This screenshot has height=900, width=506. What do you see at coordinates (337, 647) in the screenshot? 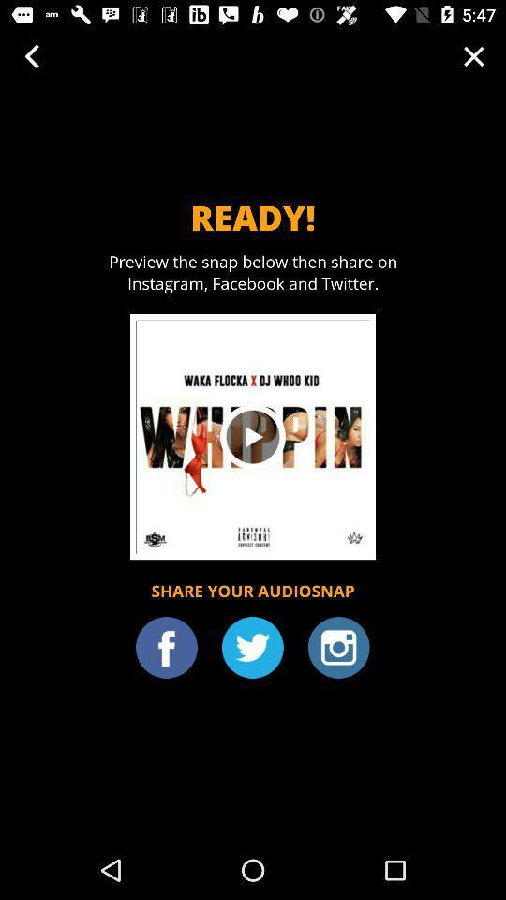
I see `the photo icon` at bounding box center [337, 647].